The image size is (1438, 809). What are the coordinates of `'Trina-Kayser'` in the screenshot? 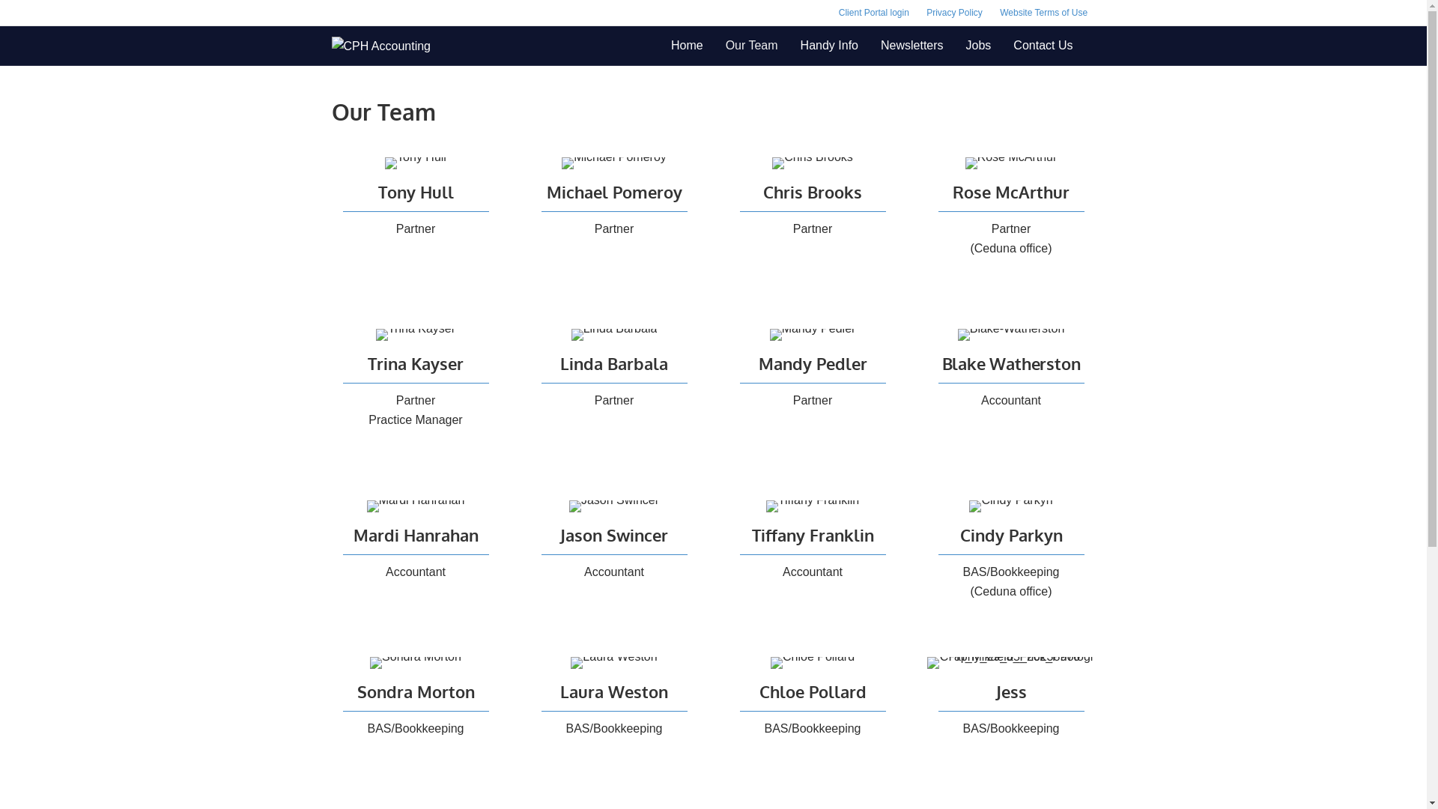 It's located at (416, 334).